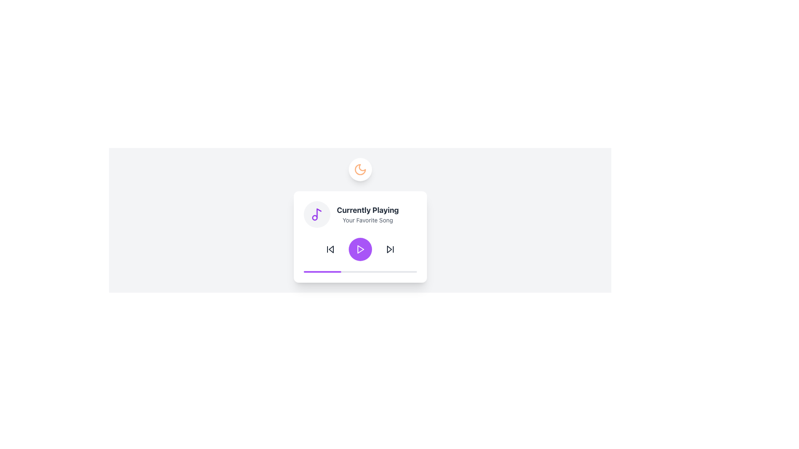  I want to click on the theme toggle button located centrally above the music player interface to switch between light and dark modes, so click(360, 169).